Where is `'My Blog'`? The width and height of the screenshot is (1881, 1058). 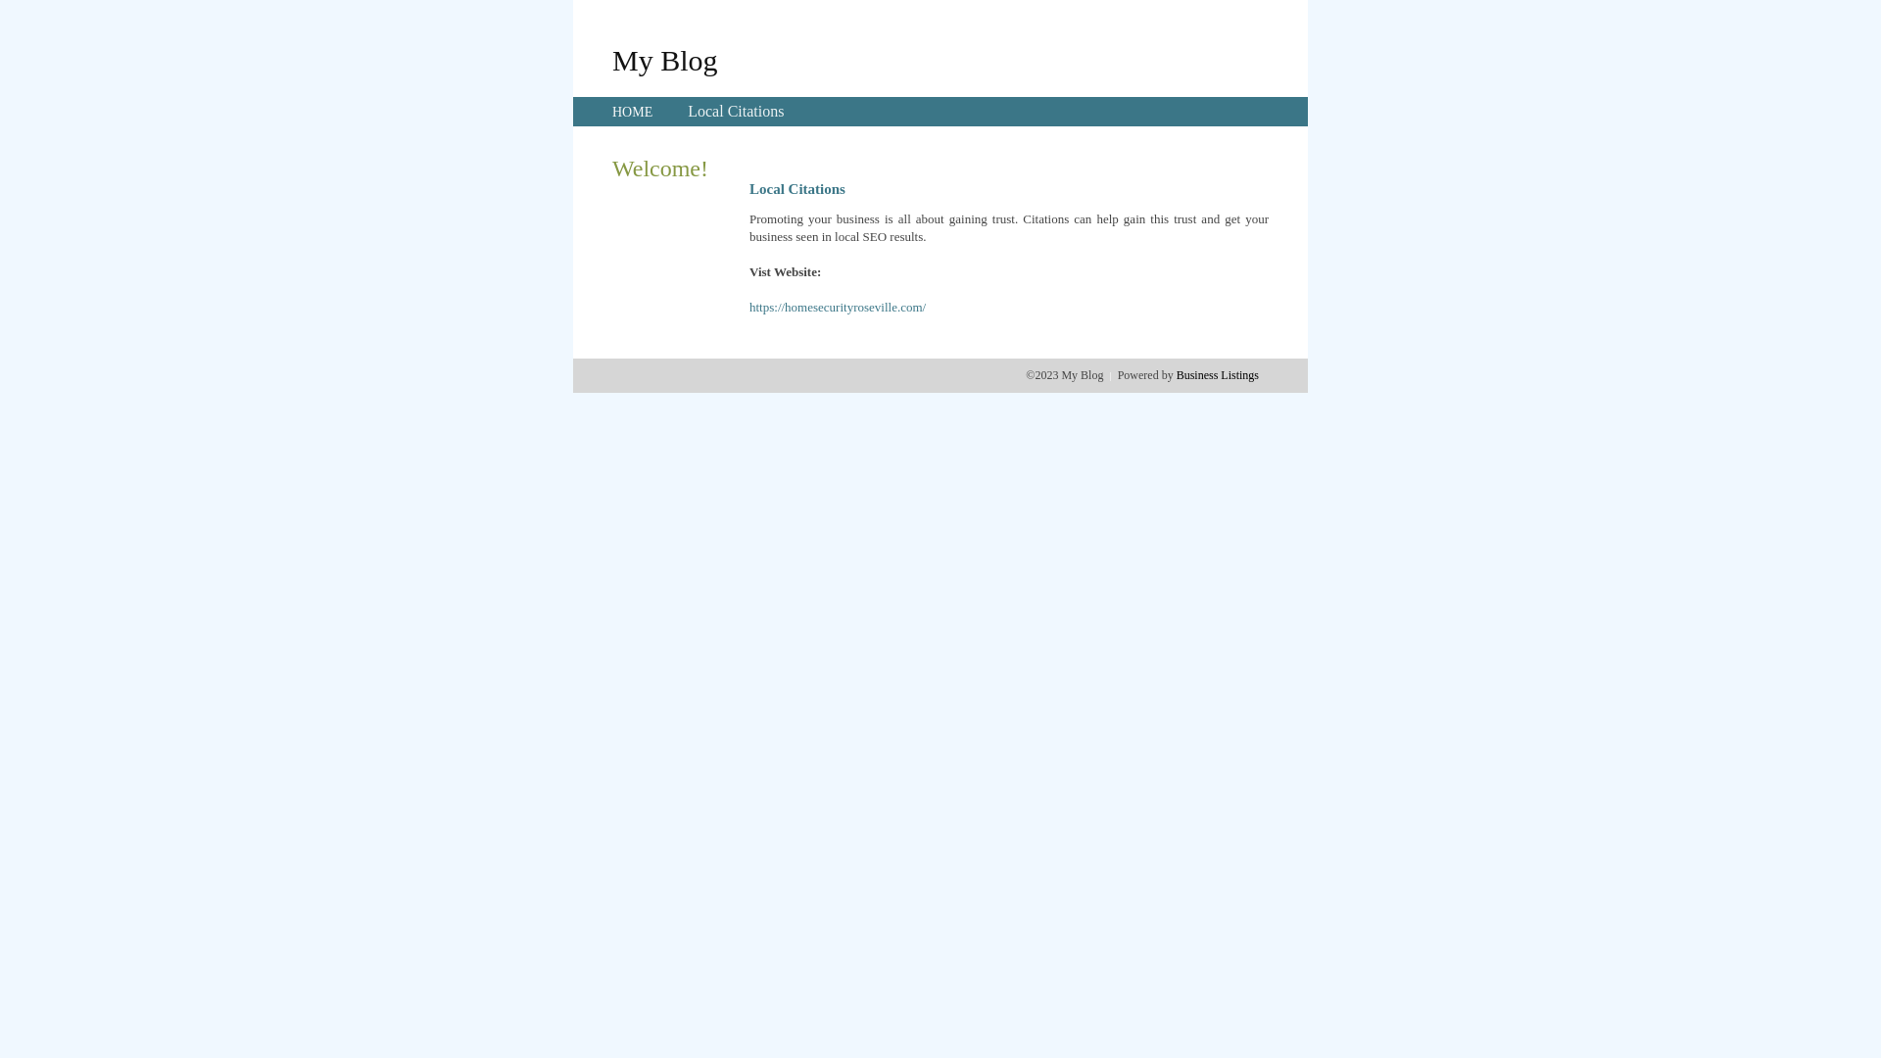
'My Blog' is located at coordinates (664, 59).